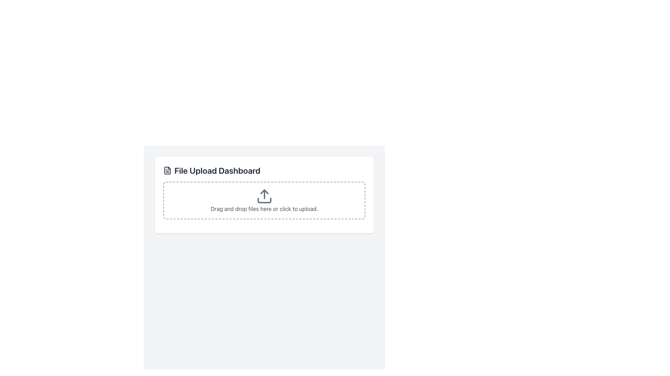  I want to click on and drop files onto the File Upload Input area, which is a rectangular area with a dashed gray border and rounded corners, containing an upload icon and the text 'Drag and drop files here or click, so click(264, 200).